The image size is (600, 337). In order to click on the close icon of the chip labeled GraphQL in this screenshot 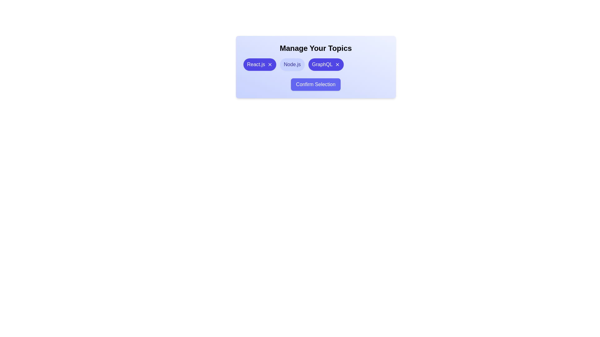, I will do `click(337, 65)`.